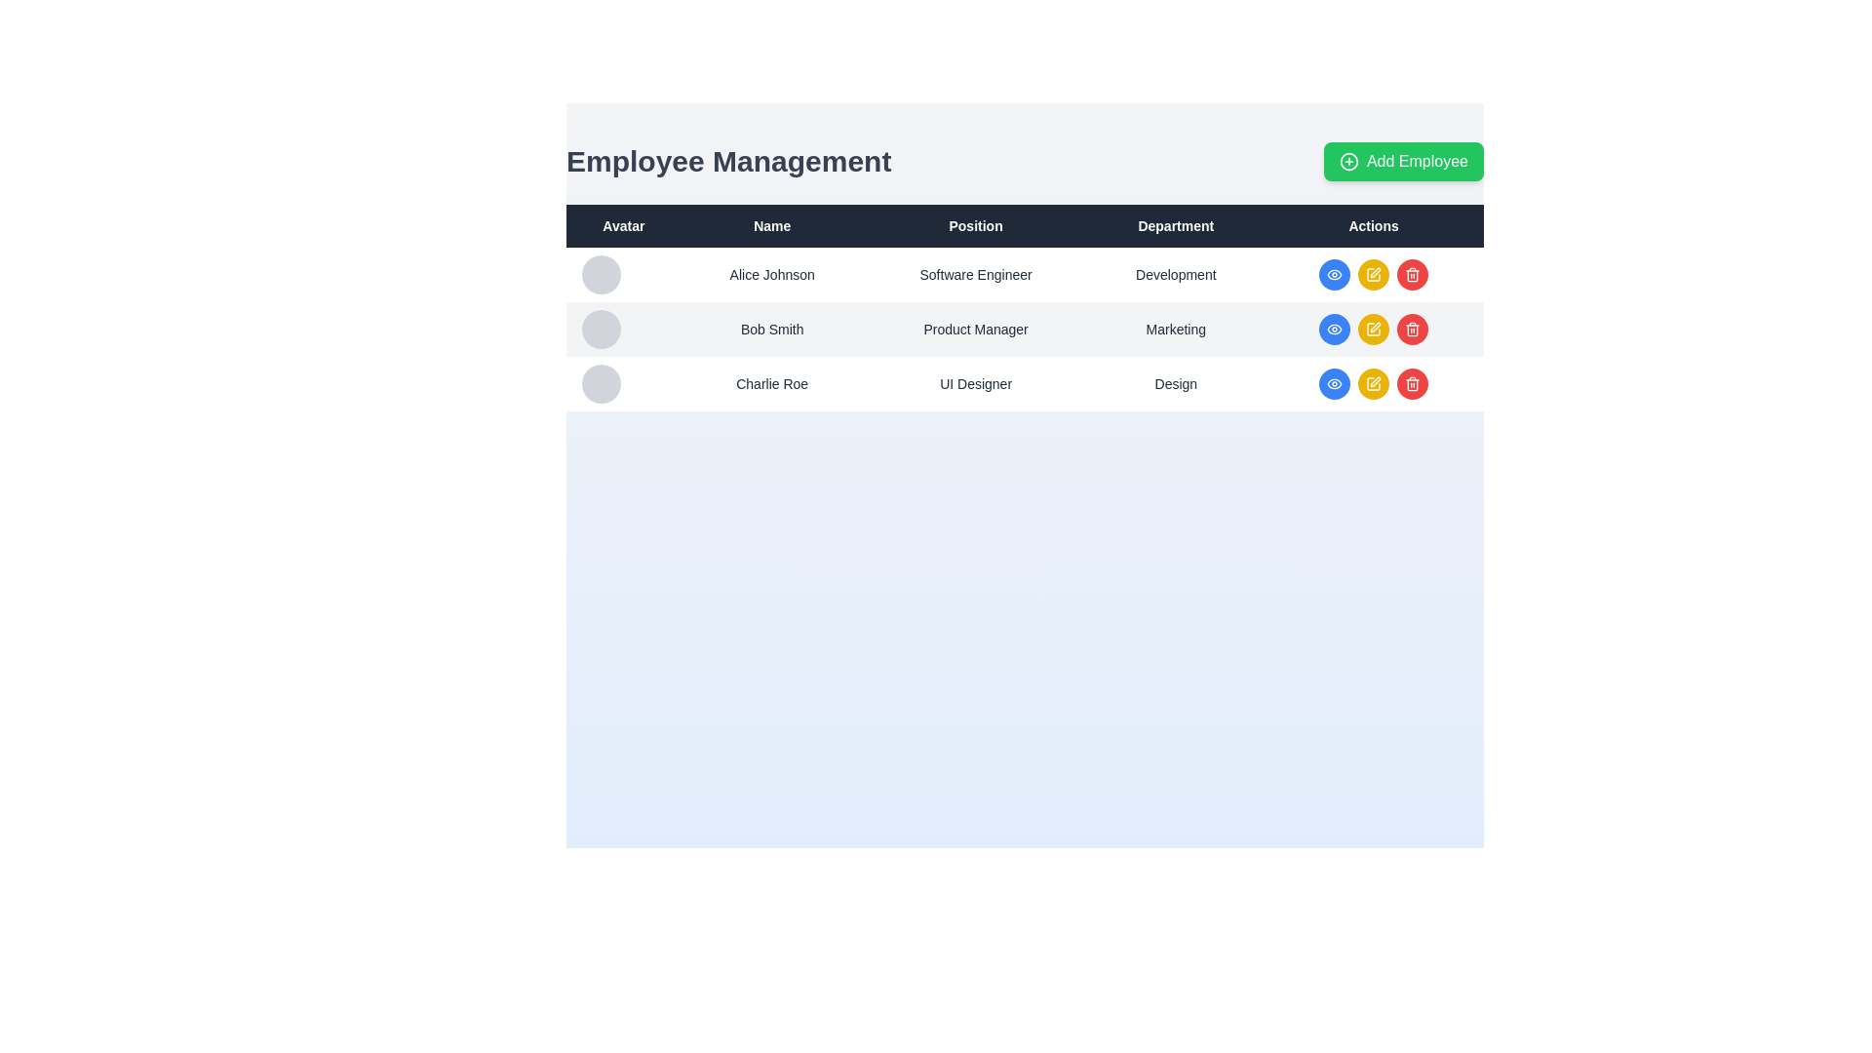 The height and width of the screenshot is (1053, 1872). Describe the element at coordinates (1375, 326) in the screenshot. I see `the 'Edit' icon button located in the 'Actions' column of the second row for 'Bob Smith, Product Manager'` at that location.